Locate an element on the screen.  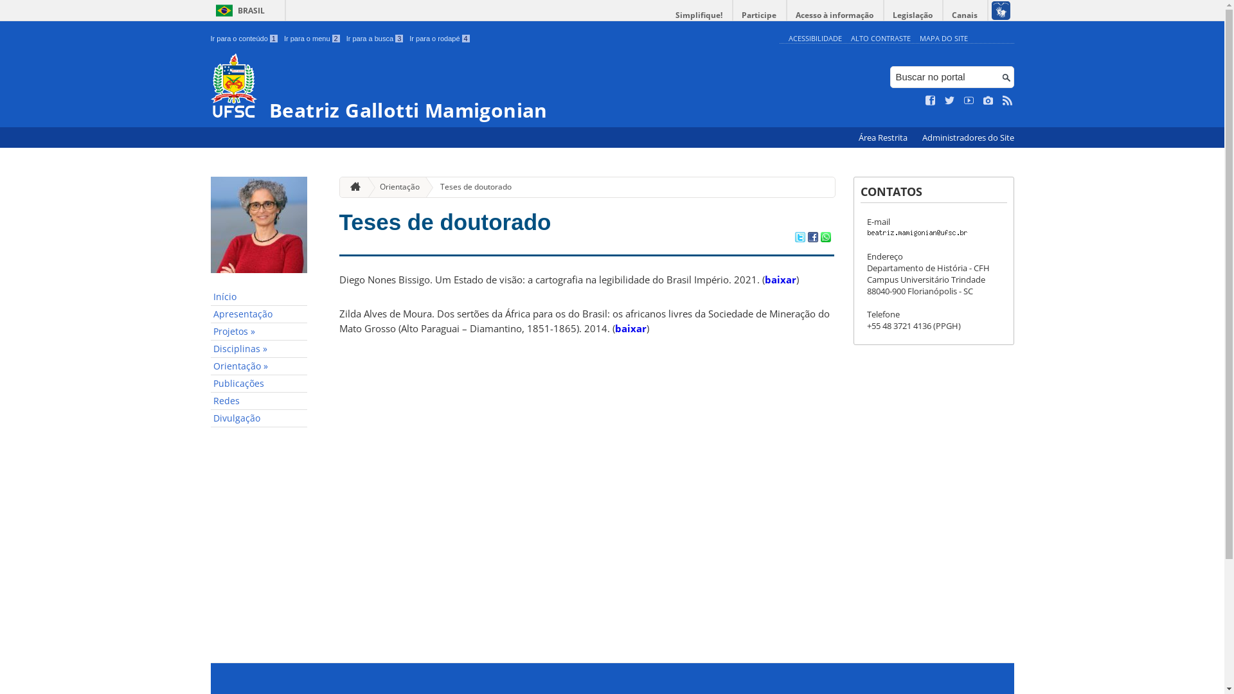
'Redes' is located at coordinates (258, 400).